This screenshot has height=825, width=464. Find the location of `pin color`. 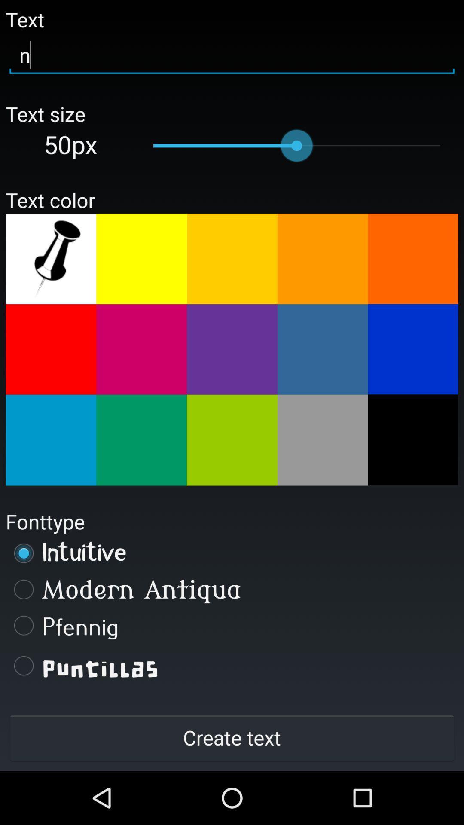

pin color is located at coordinates (51, 258).